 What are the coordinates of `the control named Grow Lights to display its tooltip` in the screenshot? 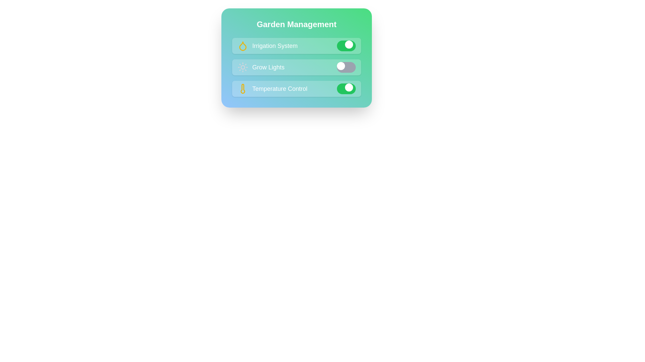 It's located at (296, 67).